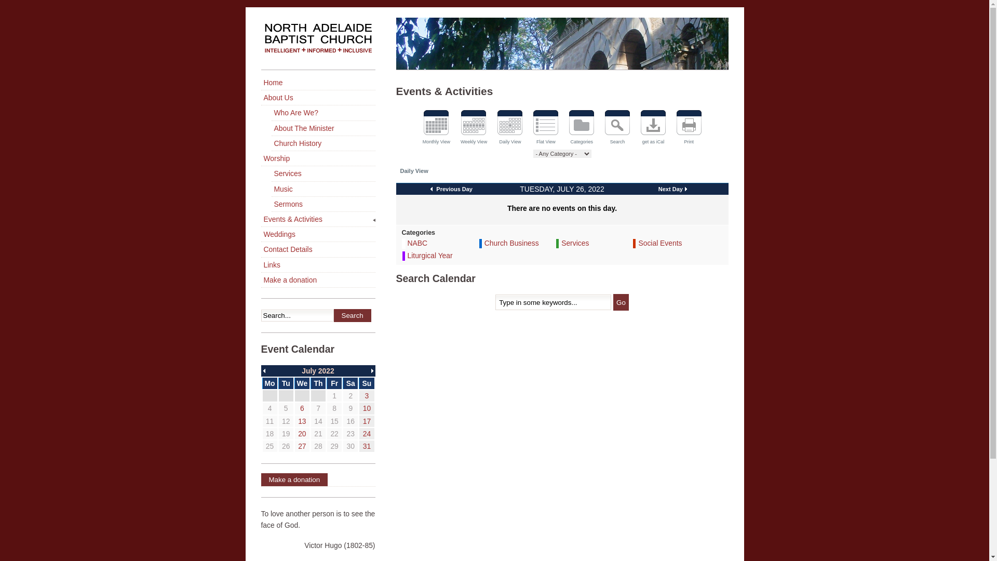 The width and height of the screenshot is (997, 561). What do you see at coordinates (317, 219) in the screenshot?
I see `'Events & Activities'` at bounding box center [317, 219].